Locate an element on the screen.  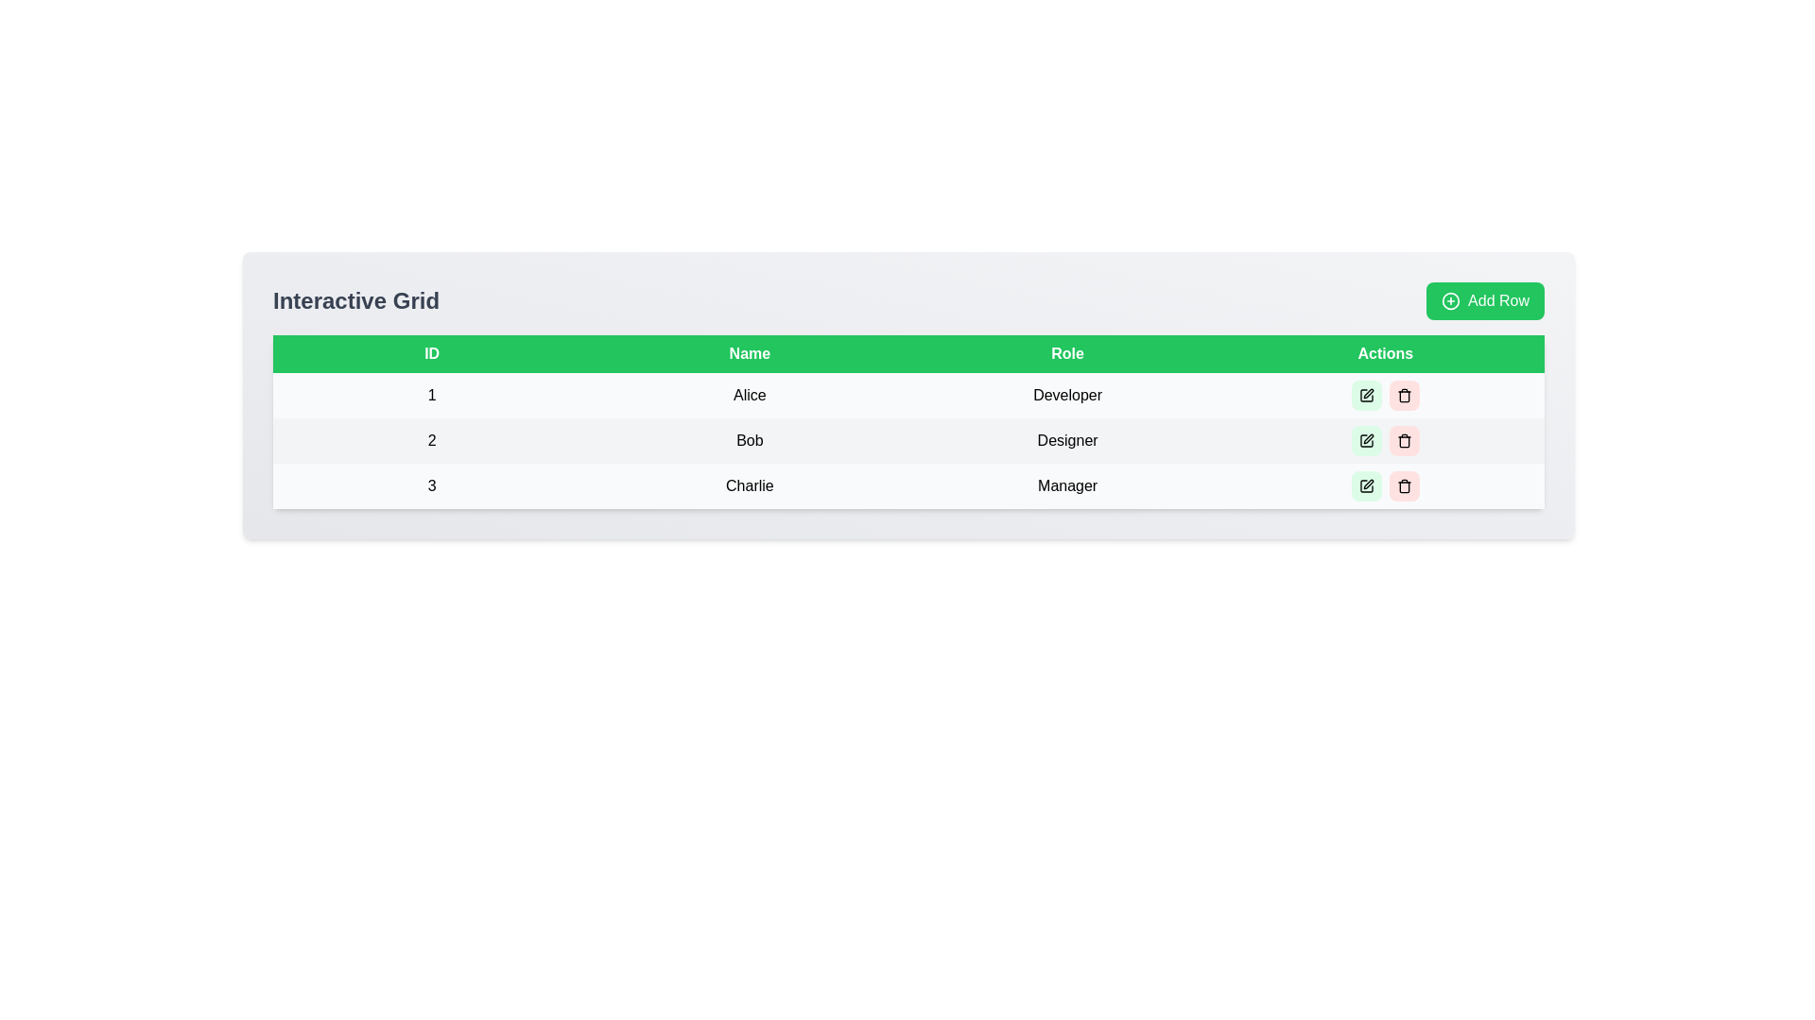
the Text element displaying the role of the individual named 'Charlie' in the row with ID 3 in the grid, located in the 'Role' column is located at coordinates (1067, 485).